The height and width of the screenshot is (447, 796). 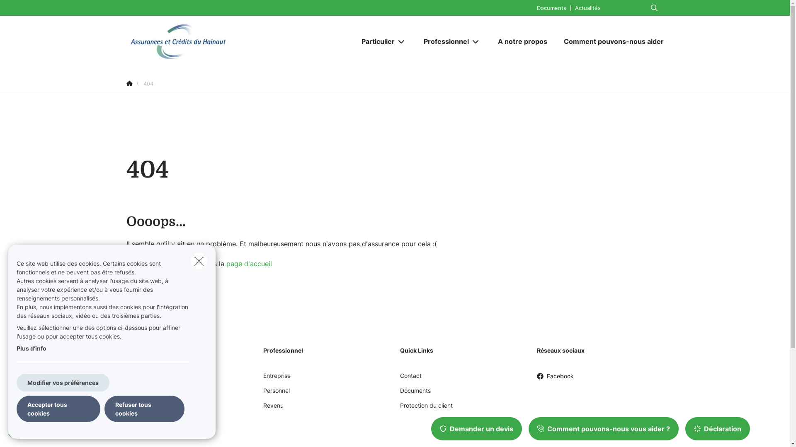 What do you see at coordinates (551, 7) in the screenshot?
I see `'Documents'` at bounding box center [551, 7].